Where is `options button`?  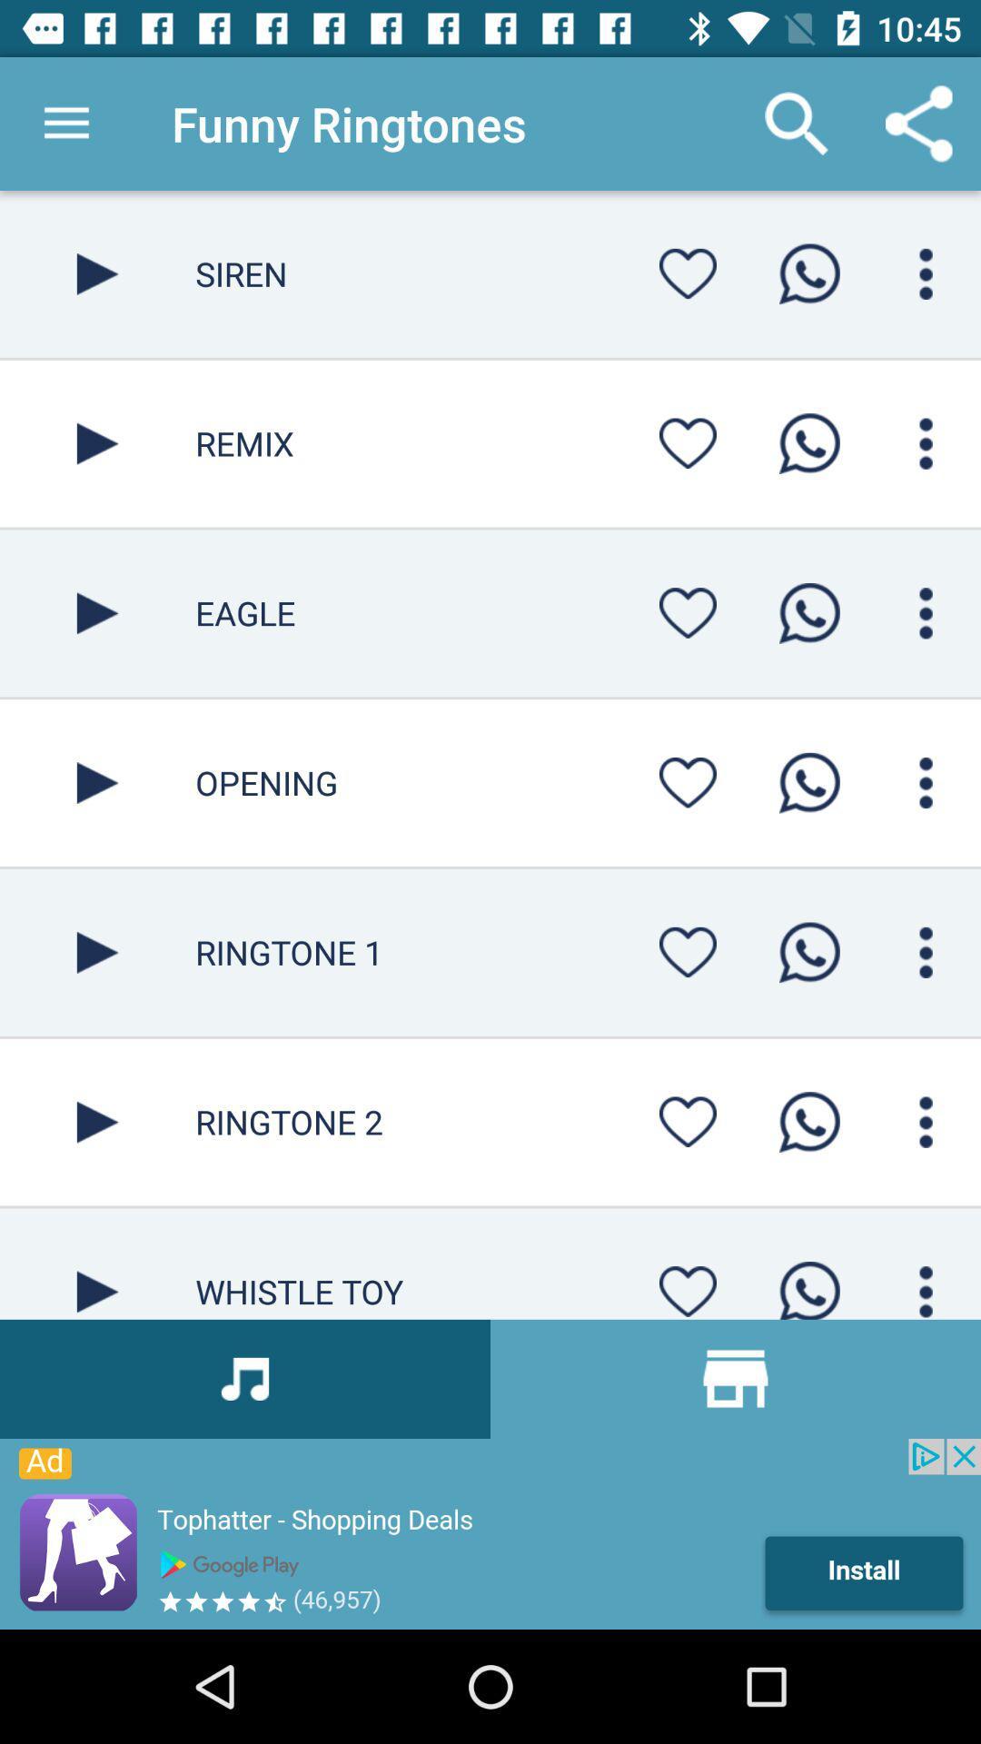
options button is located at coordinates (926, 951).